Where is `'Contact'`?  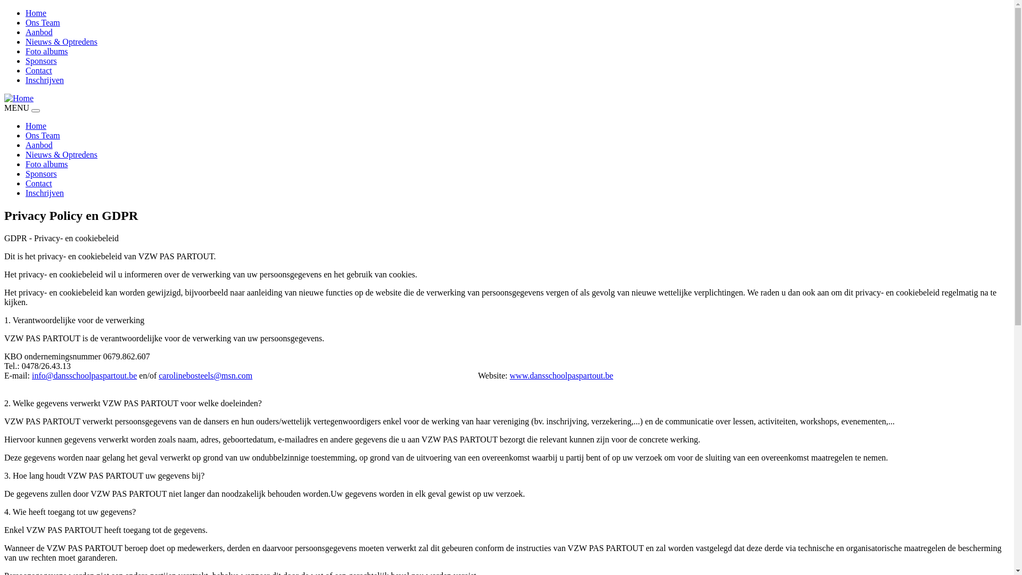 'Contact' is located at coordinates (38, 70).